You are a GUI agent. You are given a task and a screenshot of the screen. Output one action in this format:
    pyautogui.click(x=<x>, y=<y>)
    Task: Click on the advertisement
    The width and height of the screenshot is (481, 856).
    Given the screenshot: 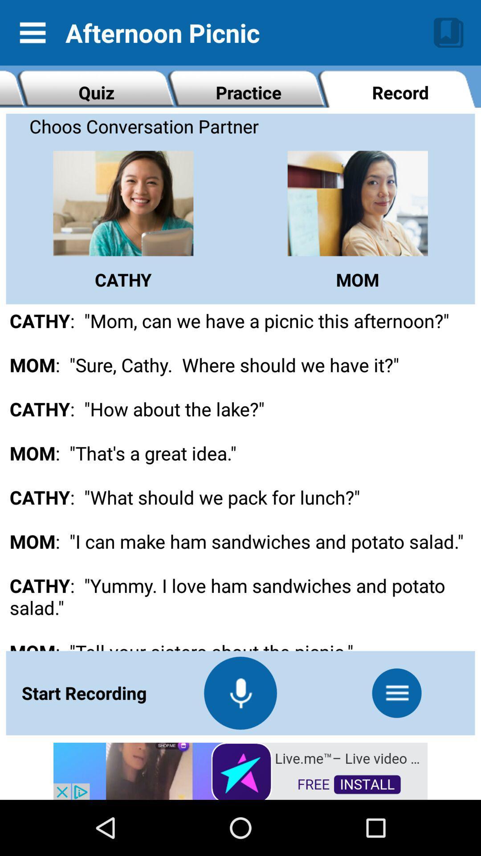 What is the action you would take?
    pyautogui.click(x=240, y=770)
    